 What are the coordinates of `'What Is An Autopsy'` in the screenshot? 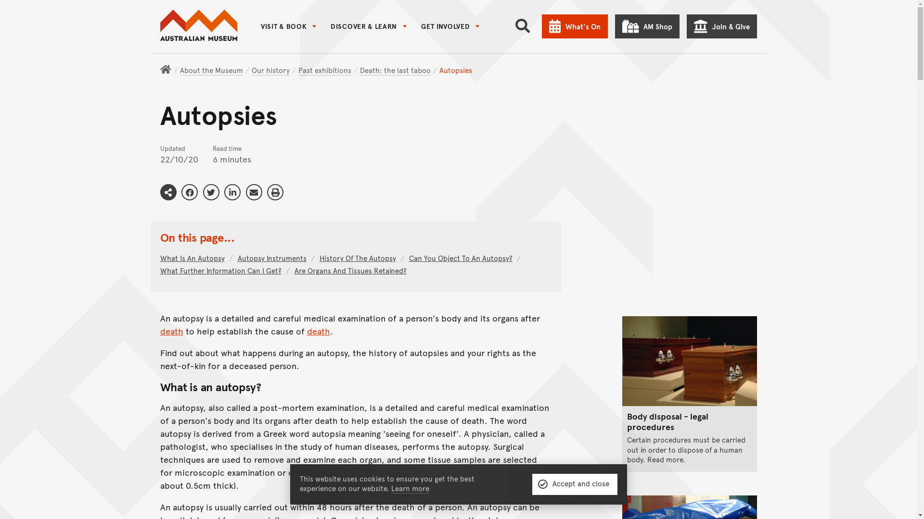 It's located at (195, 257).